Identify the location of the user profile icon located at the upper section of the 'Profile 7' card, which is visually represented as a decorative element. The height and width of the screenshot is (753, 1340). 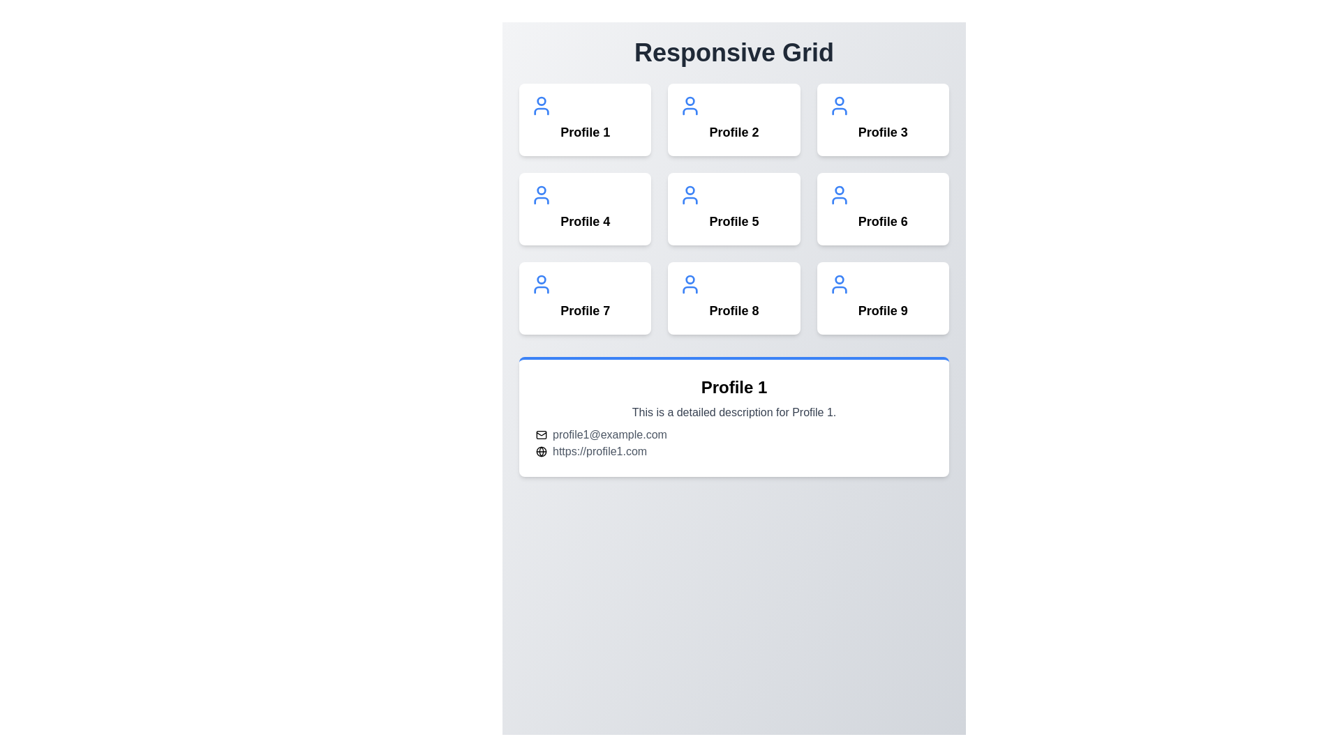
(541, 284).